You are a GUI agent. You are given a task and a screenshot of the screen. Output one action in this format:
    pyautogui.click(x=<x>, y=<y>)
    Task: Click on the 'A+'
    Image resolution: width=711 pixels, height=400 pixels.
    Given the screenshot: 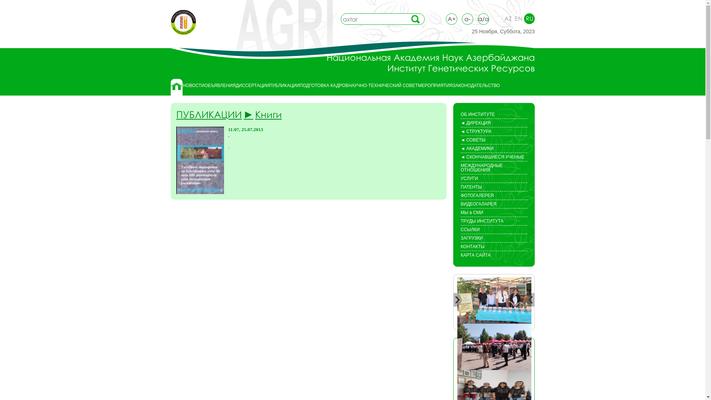 What is the action you would take?
    pyautogui.click(x=445, y=19)
    